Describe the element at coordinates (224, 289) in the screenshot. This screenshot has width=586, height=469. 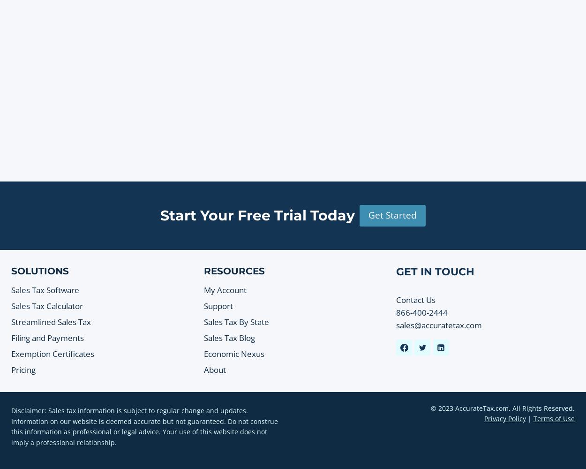
I see `'My Account'` at that location.